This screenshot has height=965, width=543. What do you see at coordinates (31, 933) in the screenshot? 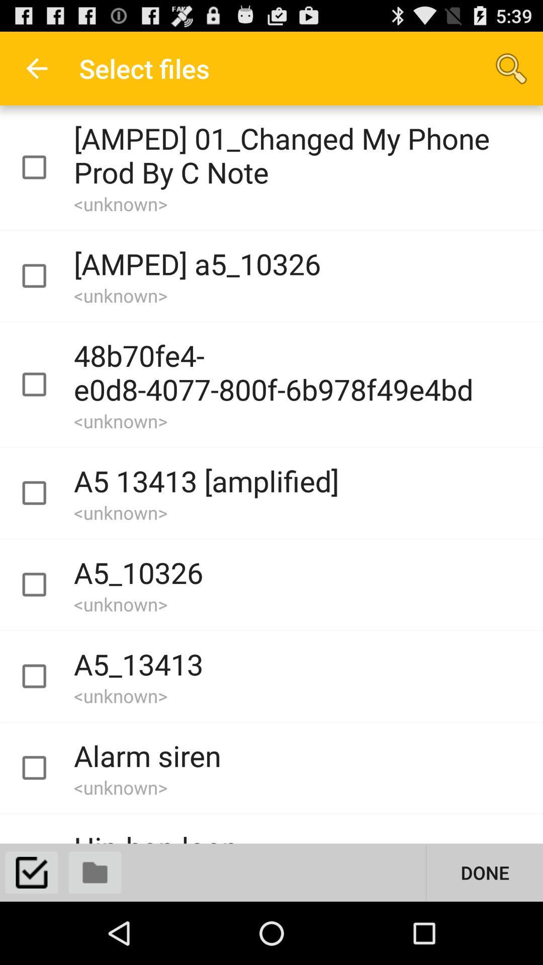
I see `the check icon` at bounding box center [31, 933].